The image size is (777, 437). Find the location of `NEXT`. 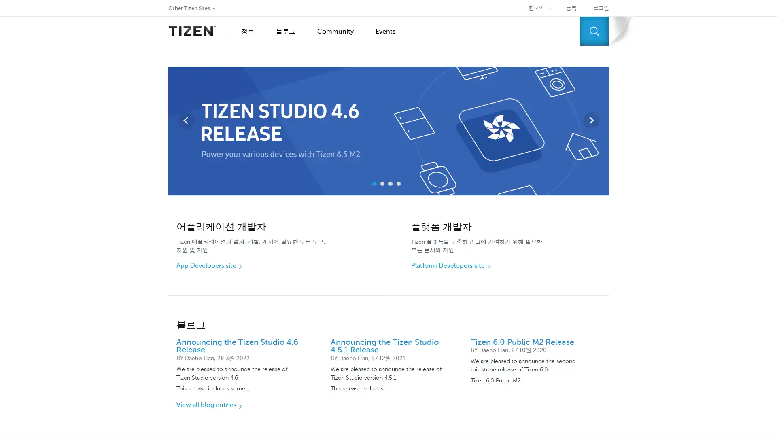

NEXT is located at coordinates (590, 120).